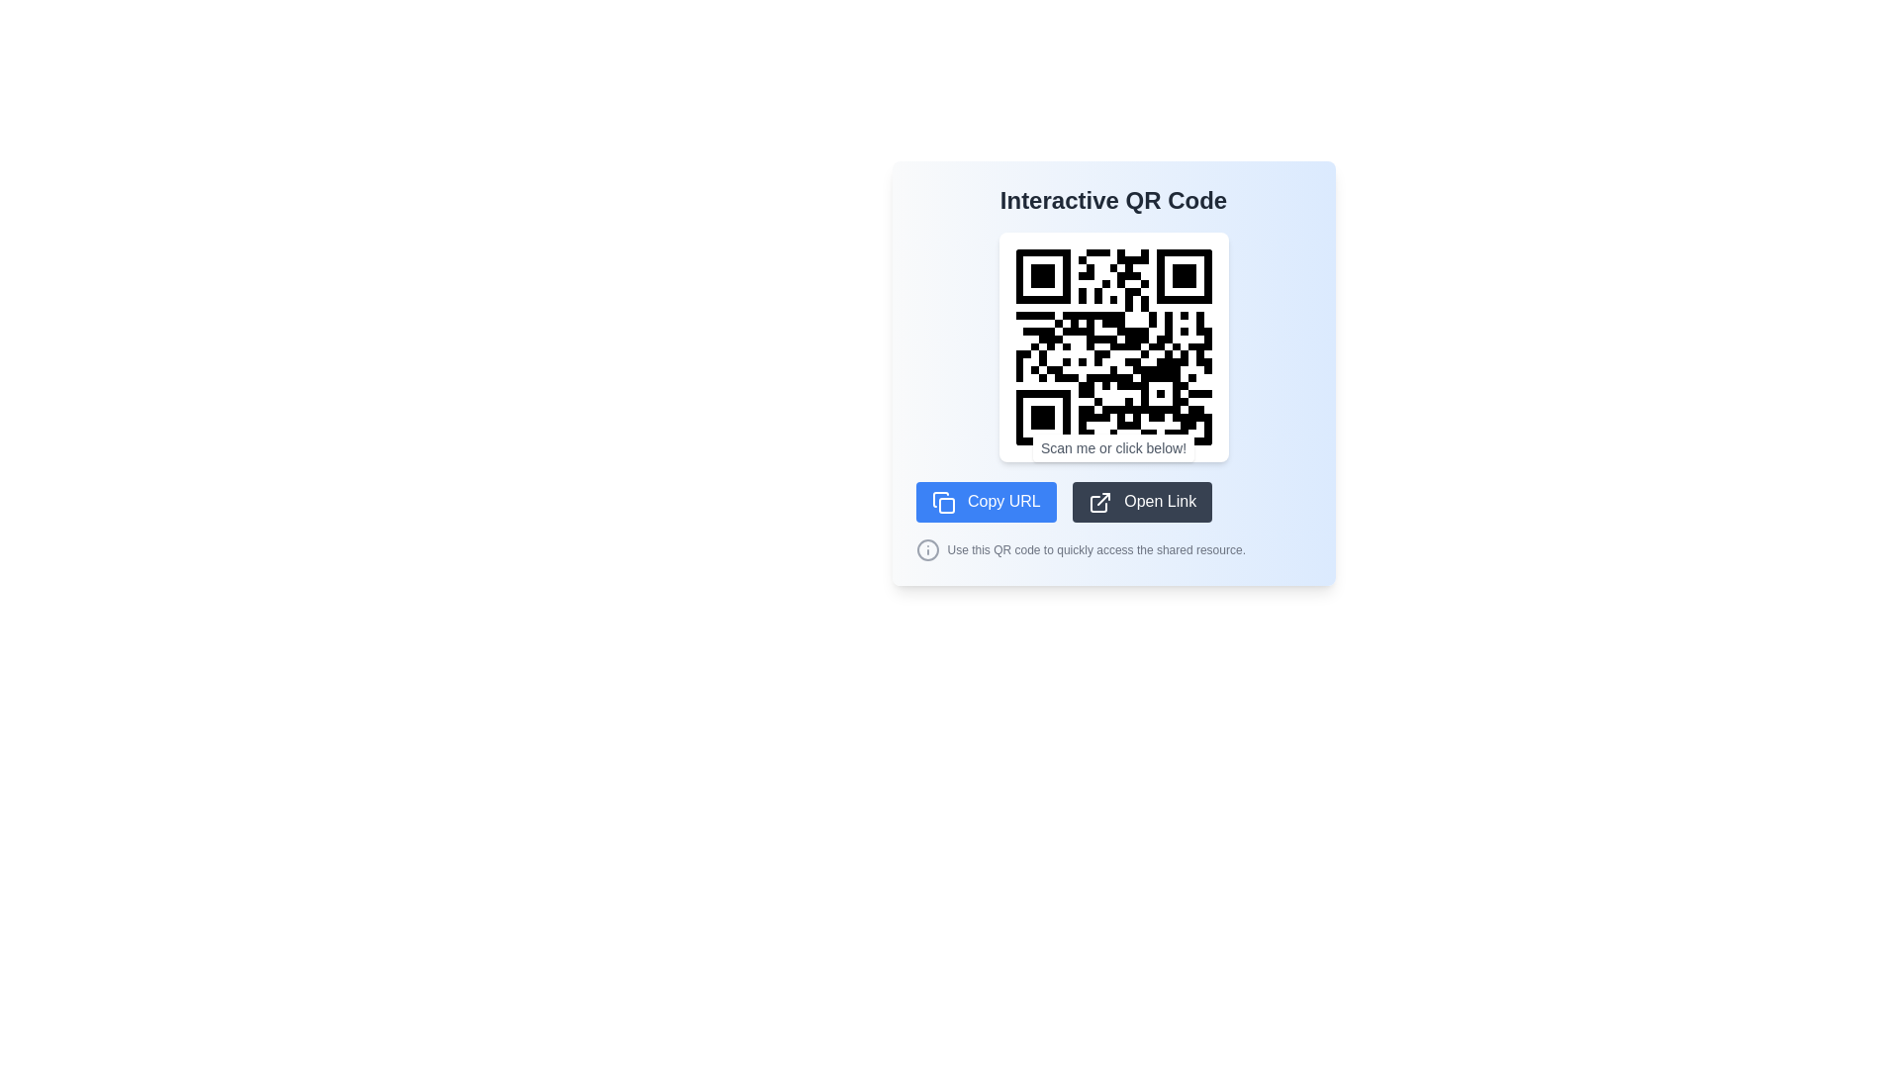 Image resolution: width=1900 pixels, height=1069 pixels. I want to click on the circular 'info' icon located next to the instruction 'Use this QR code to quickly access the shared resource', so click(926, 549).